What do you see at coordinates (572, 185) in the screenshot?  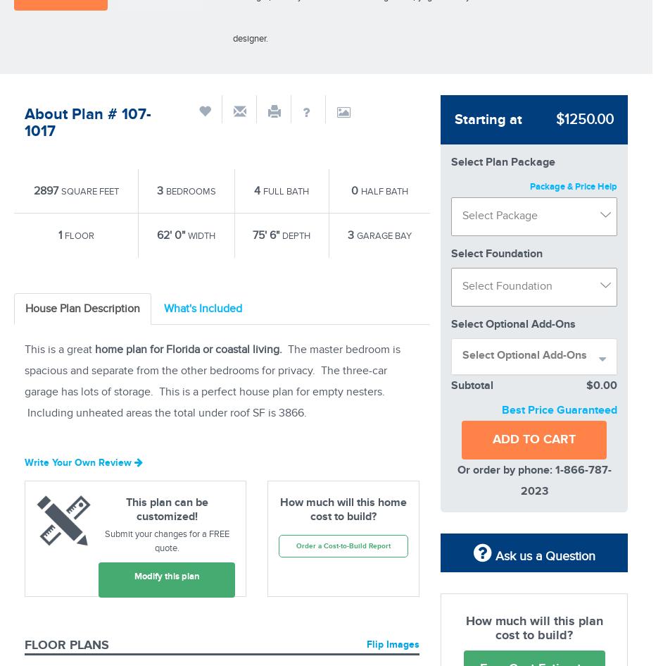 I see `'Package & Price Help'` at bounding box center [572, 185].